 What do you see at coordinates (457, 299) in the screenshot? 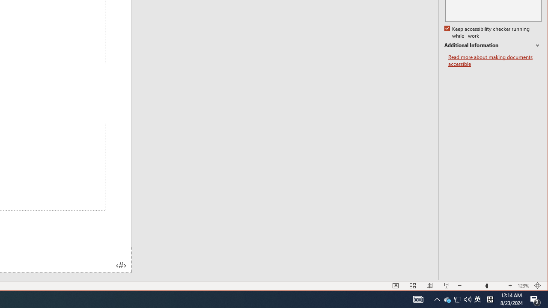
I see `'User Promoted Notification Area'` at bounding box center [457, 299].